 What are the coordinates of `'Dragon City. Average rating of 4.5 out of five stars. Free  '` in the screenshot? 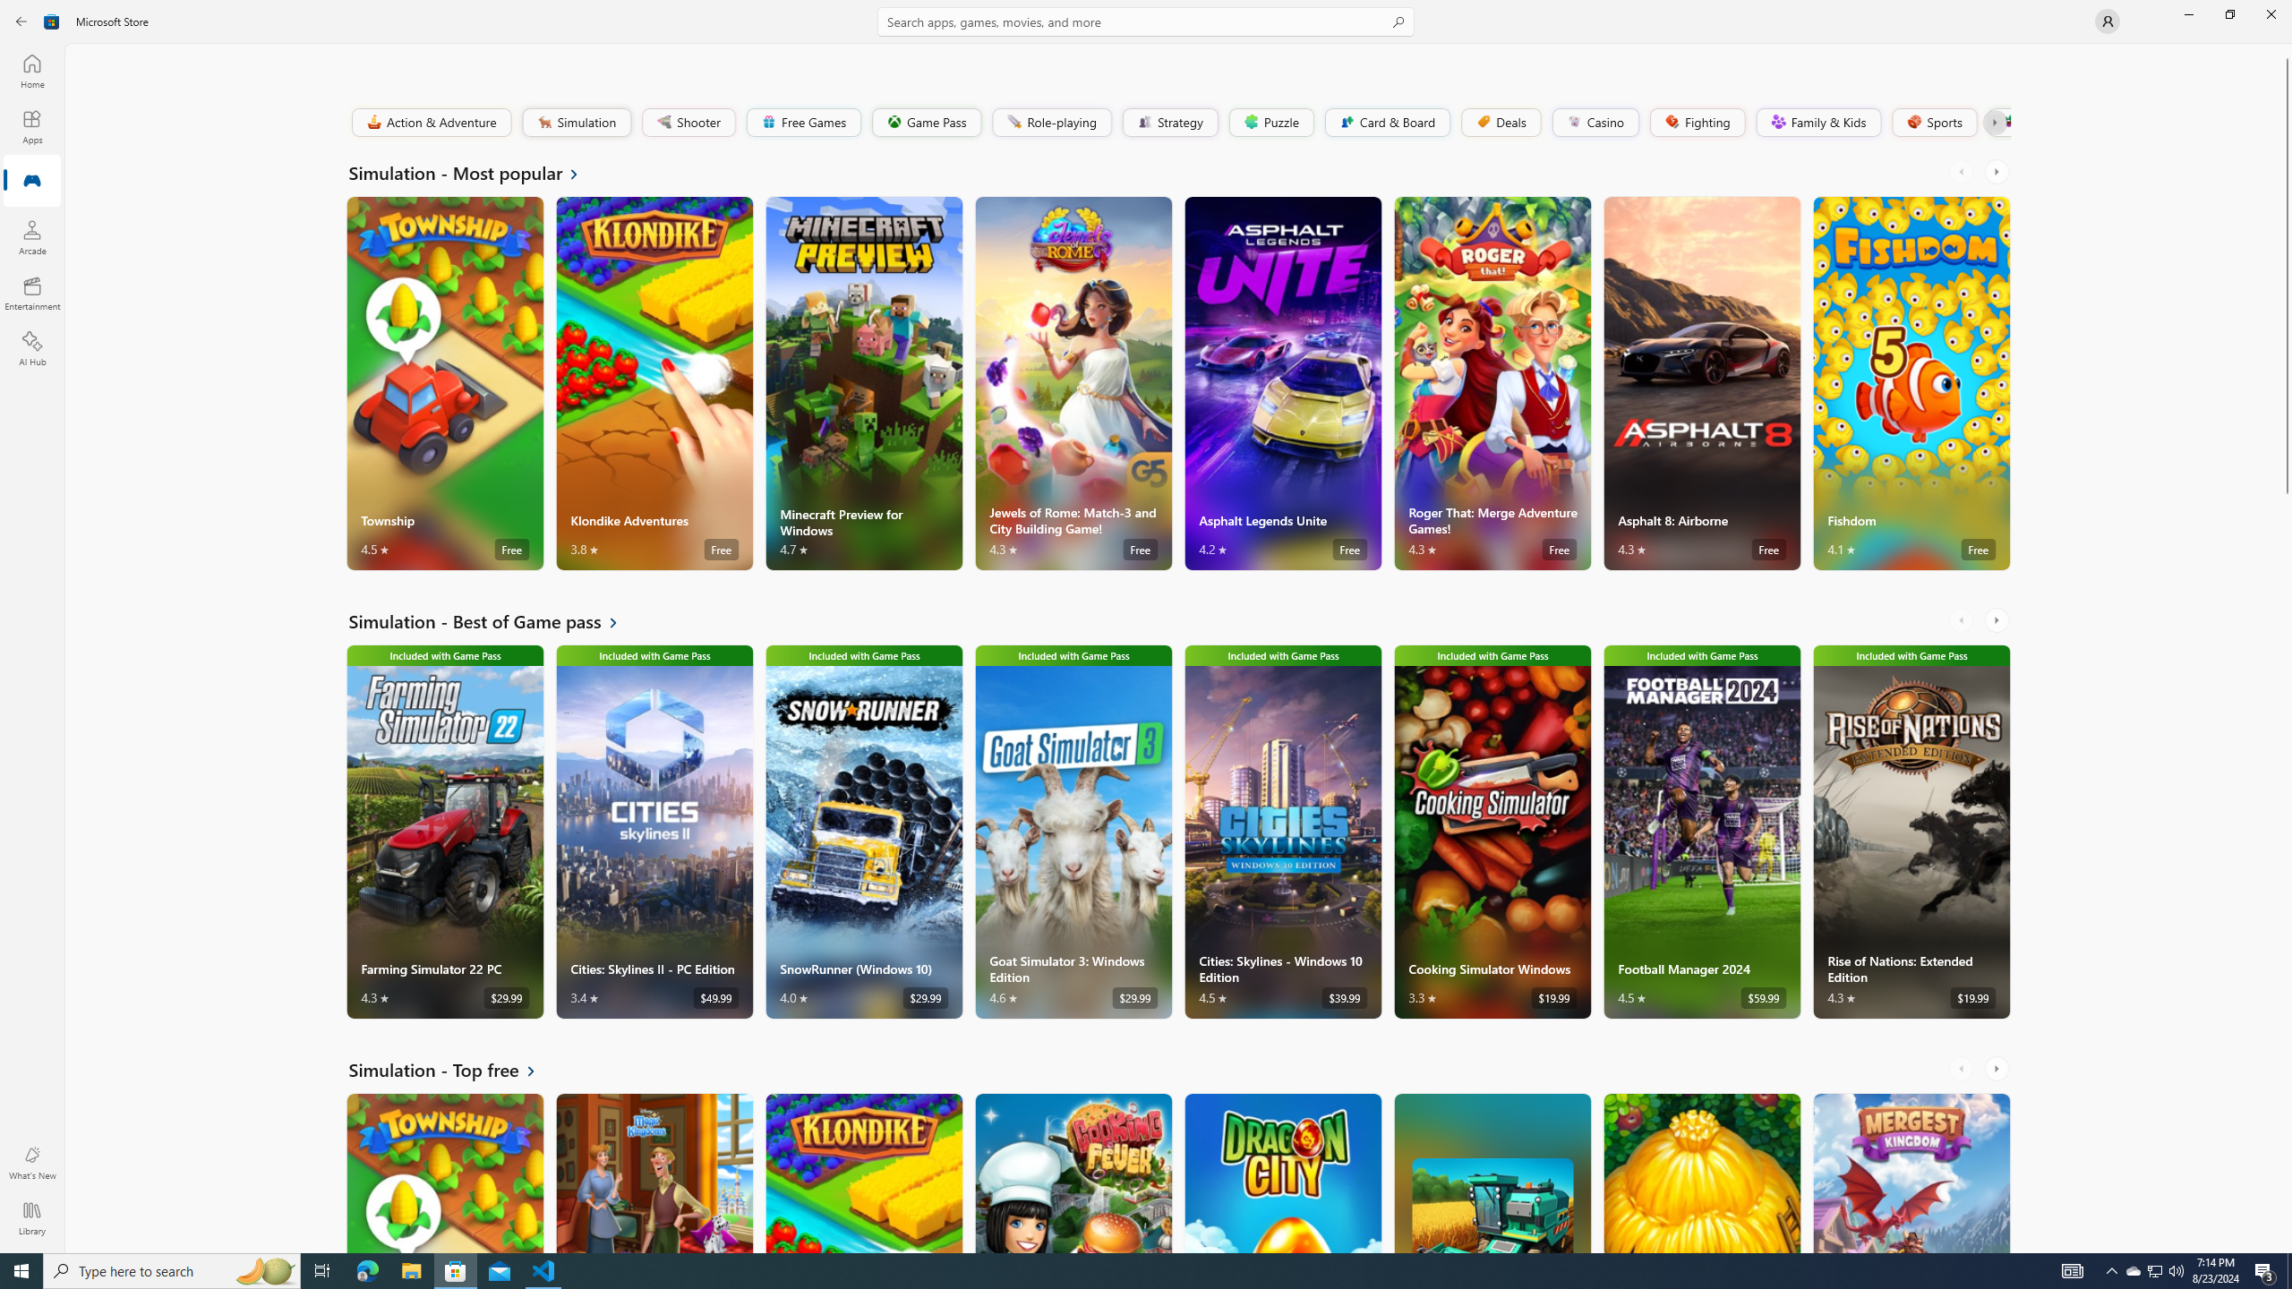 It's located at (1281, 1172).